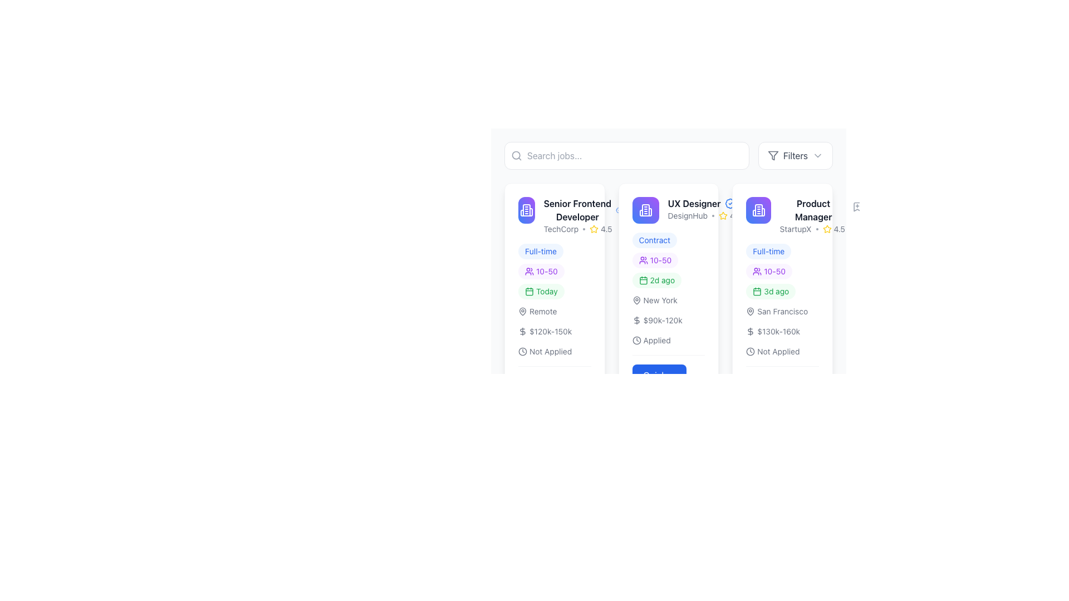  Describe the element at coordinates (636, 340) in the screenshot. I see `the clock icon with a circular border and clock hands, which is located in the second job listing panel from the left, positioned before the text 'Applied'` at that location.